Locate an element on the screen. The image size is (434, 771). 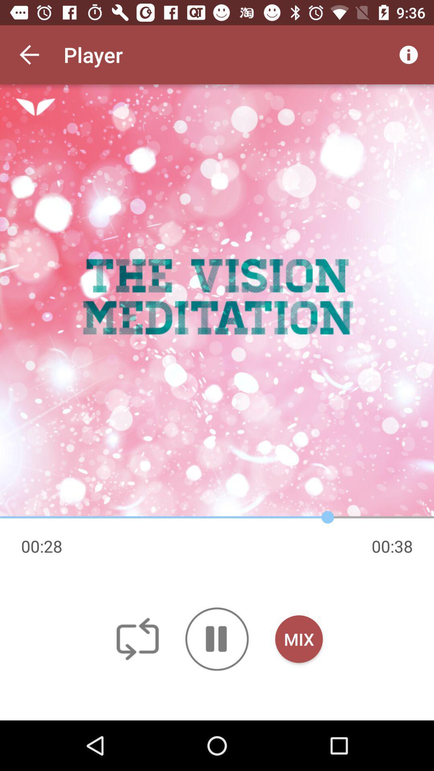
icon at the top right corner is located at coordinates (409, 54).